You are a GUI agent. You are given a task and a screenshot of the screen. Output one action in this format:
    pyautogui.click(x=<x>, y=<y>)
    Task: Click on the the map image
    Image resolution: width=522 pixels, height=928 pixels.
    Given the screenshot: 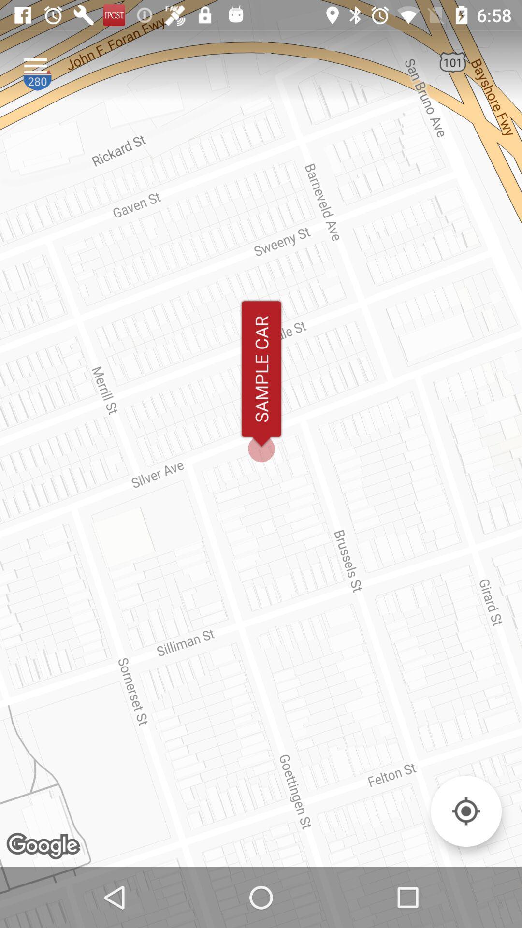 What is the action you would take?
    pyautogui.click(x=465, y=811)
    